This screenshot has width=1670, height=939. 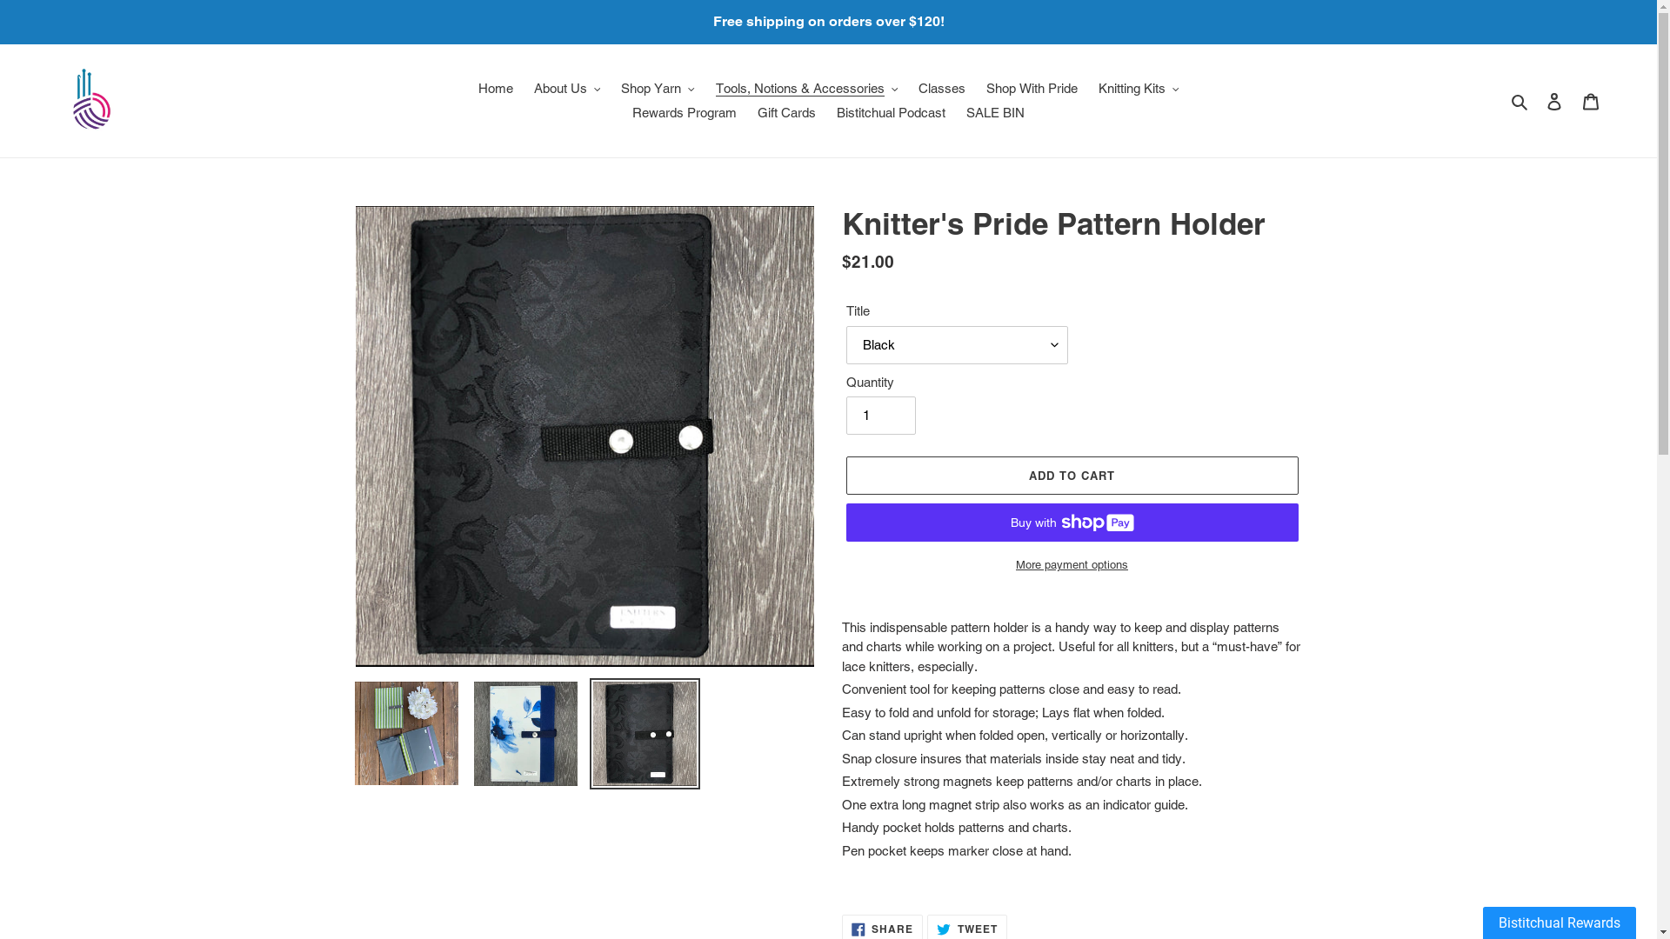 I want to click on 'Home', so click(x=469, y=89).